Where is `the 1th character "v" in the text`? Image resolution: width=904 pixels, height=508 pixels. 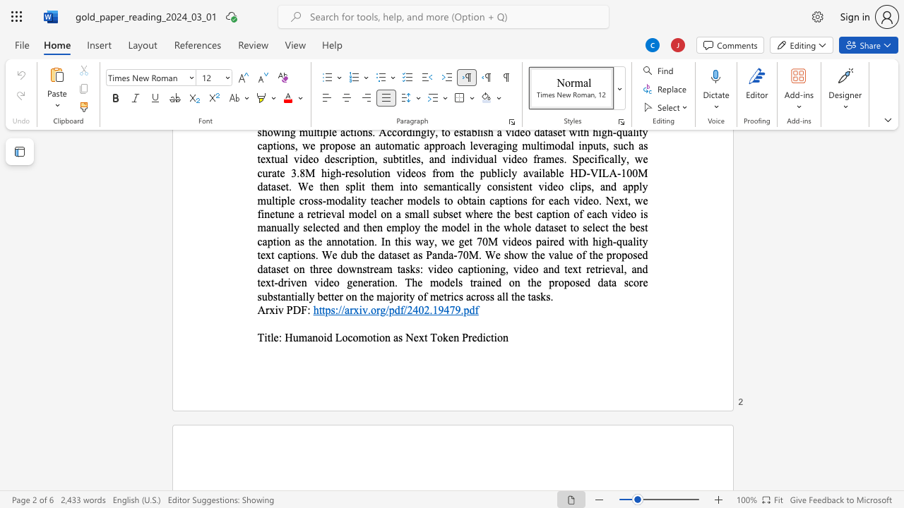 the 1th character "v" in the text is located at coordinates (280, 309).